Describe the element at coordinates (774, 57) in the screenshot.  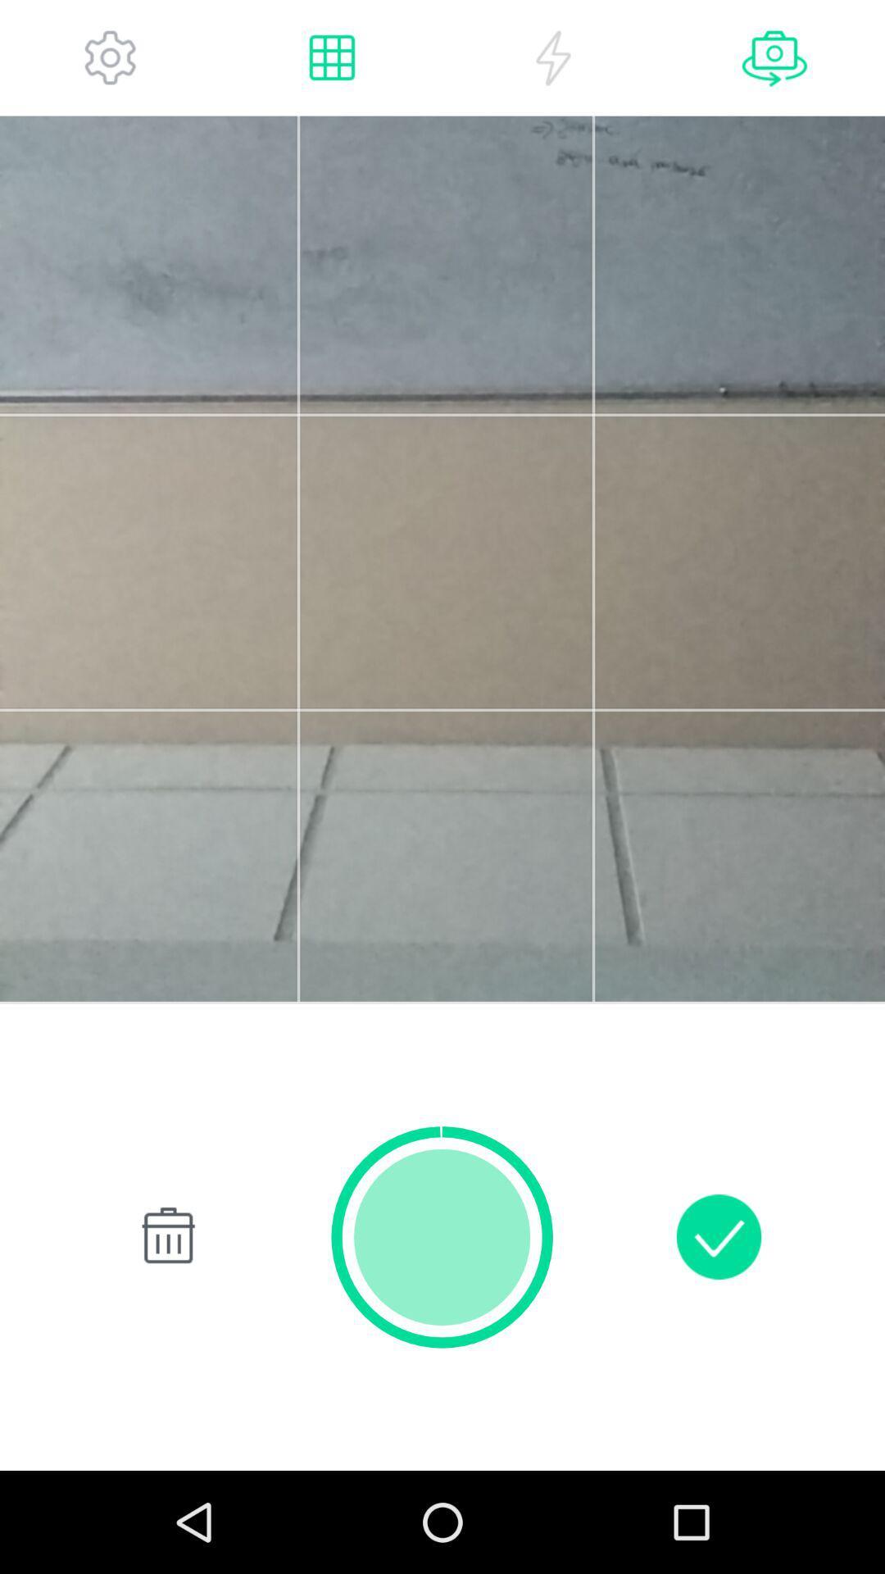
I see `switch to front/back camera` at that location.